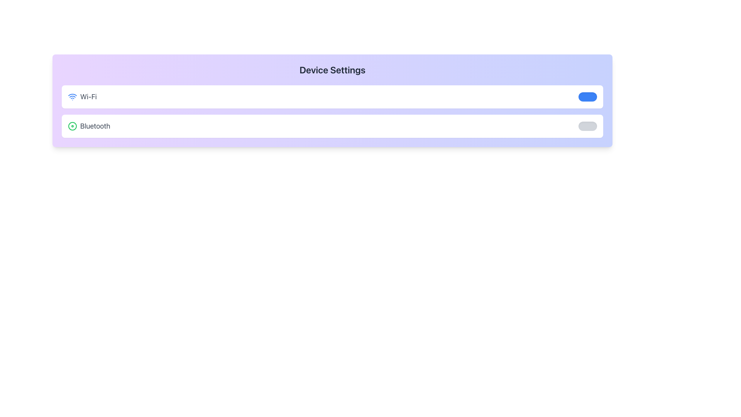  I want to click on the UI label with a green circular icon and the text 'Bluetooth', which is located below the 'Wi-Fi' label and adjacent to a toggle switch, so click(89, 126).